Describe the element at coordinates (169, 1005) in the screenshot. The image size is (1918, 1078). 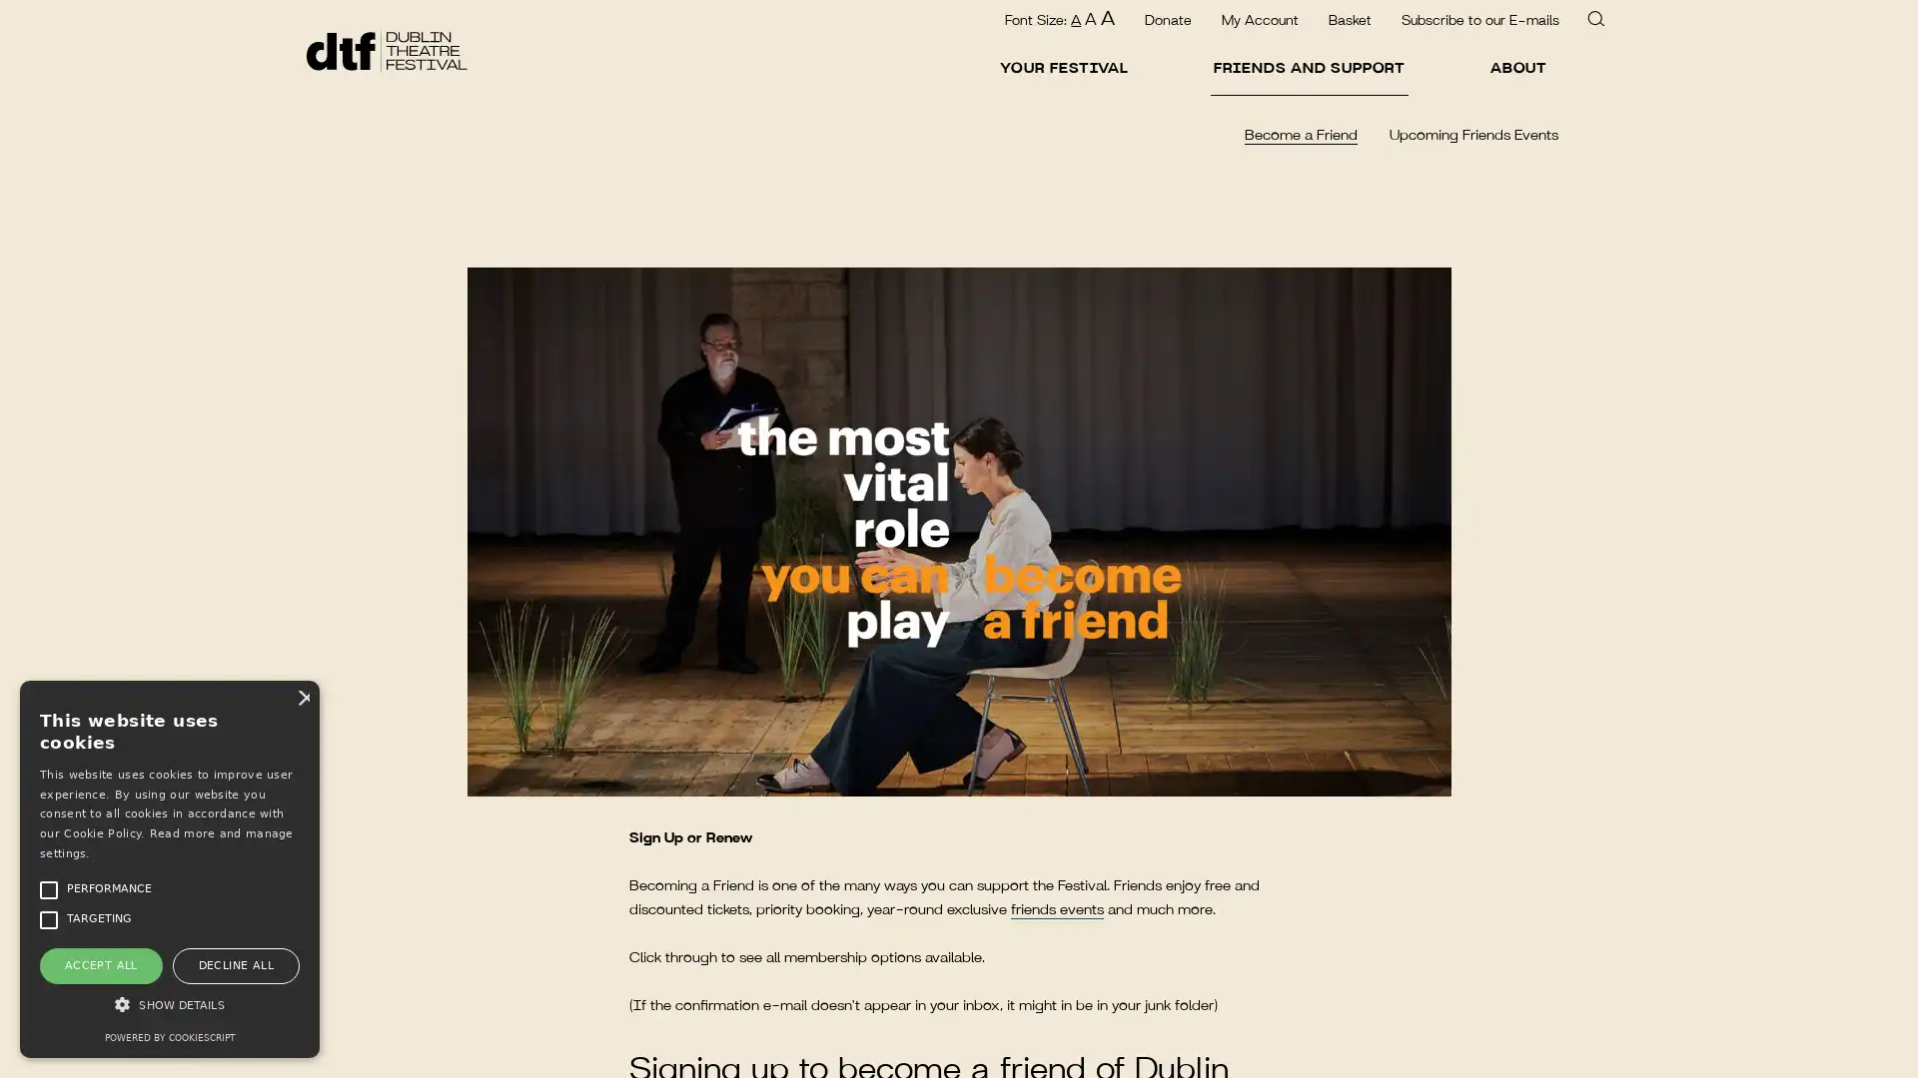
I see `SHOW DETAILS` at that location.